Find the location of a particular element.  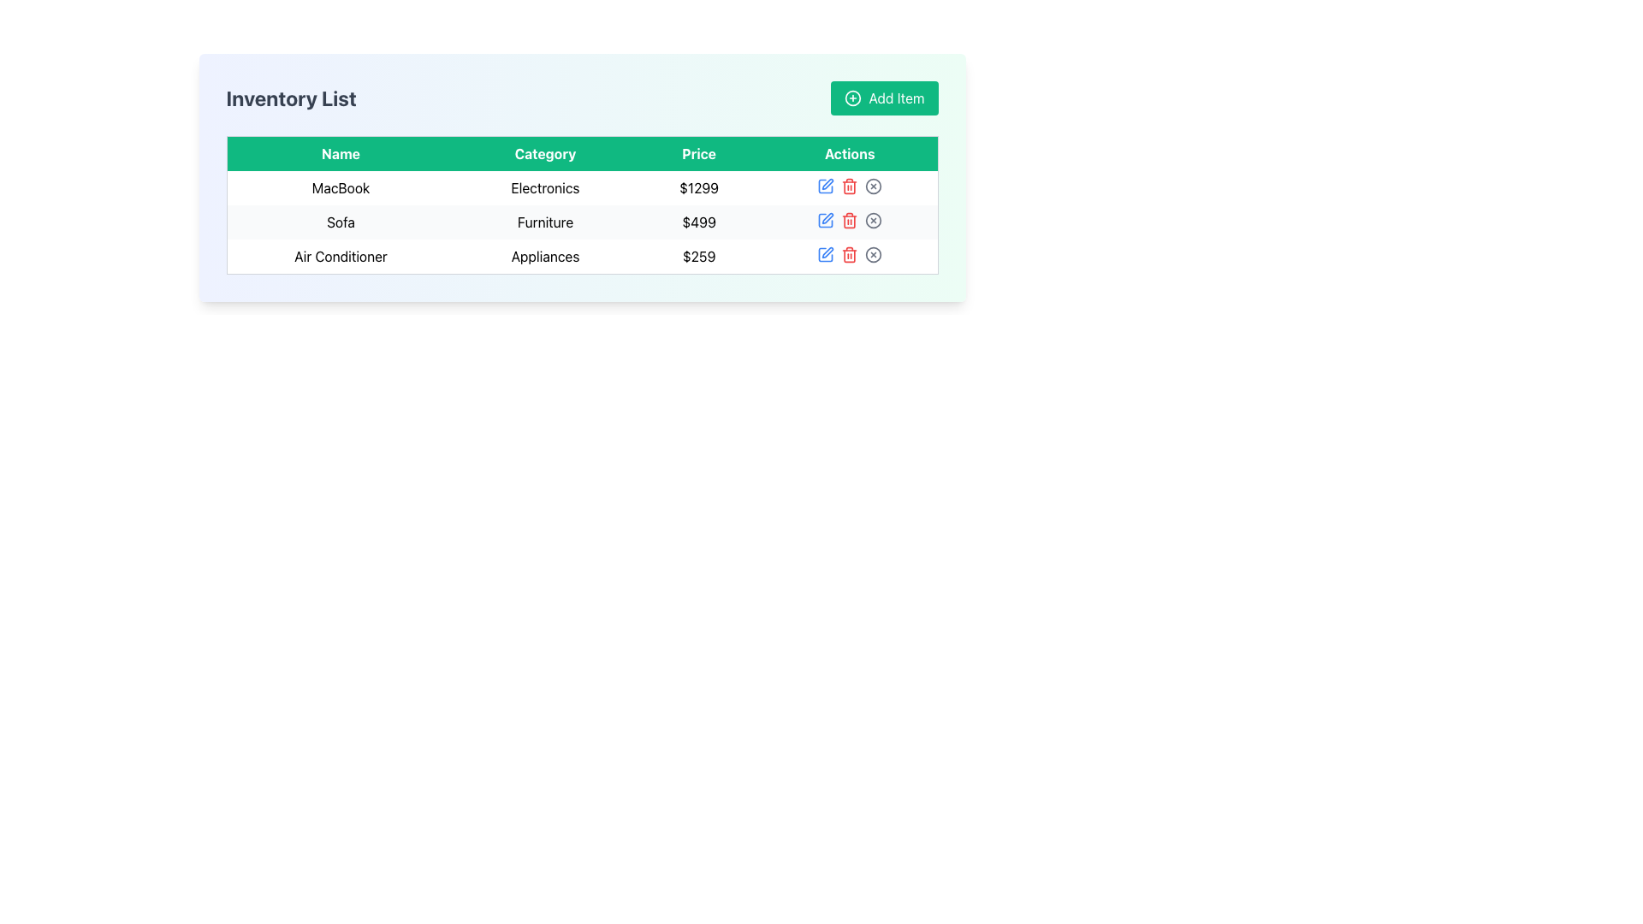

the group of interactive icons located in the right column of the 'Actions' section, within the second row labelled 'Furniture' in the table is located at coordinates (850, 220).